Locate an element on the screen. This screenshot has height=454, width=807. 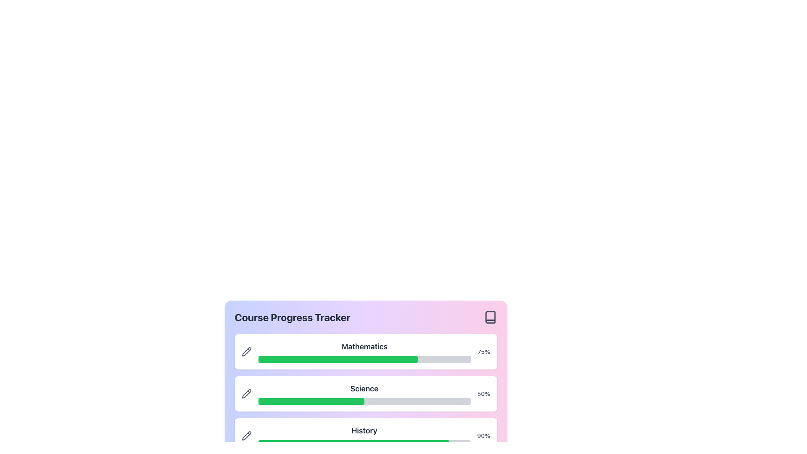
the 'Mathematics' text label, which is a bold, dark gray title positioned prominently above a progress bar in the course progress tracker is located at coordinates (364, 347).